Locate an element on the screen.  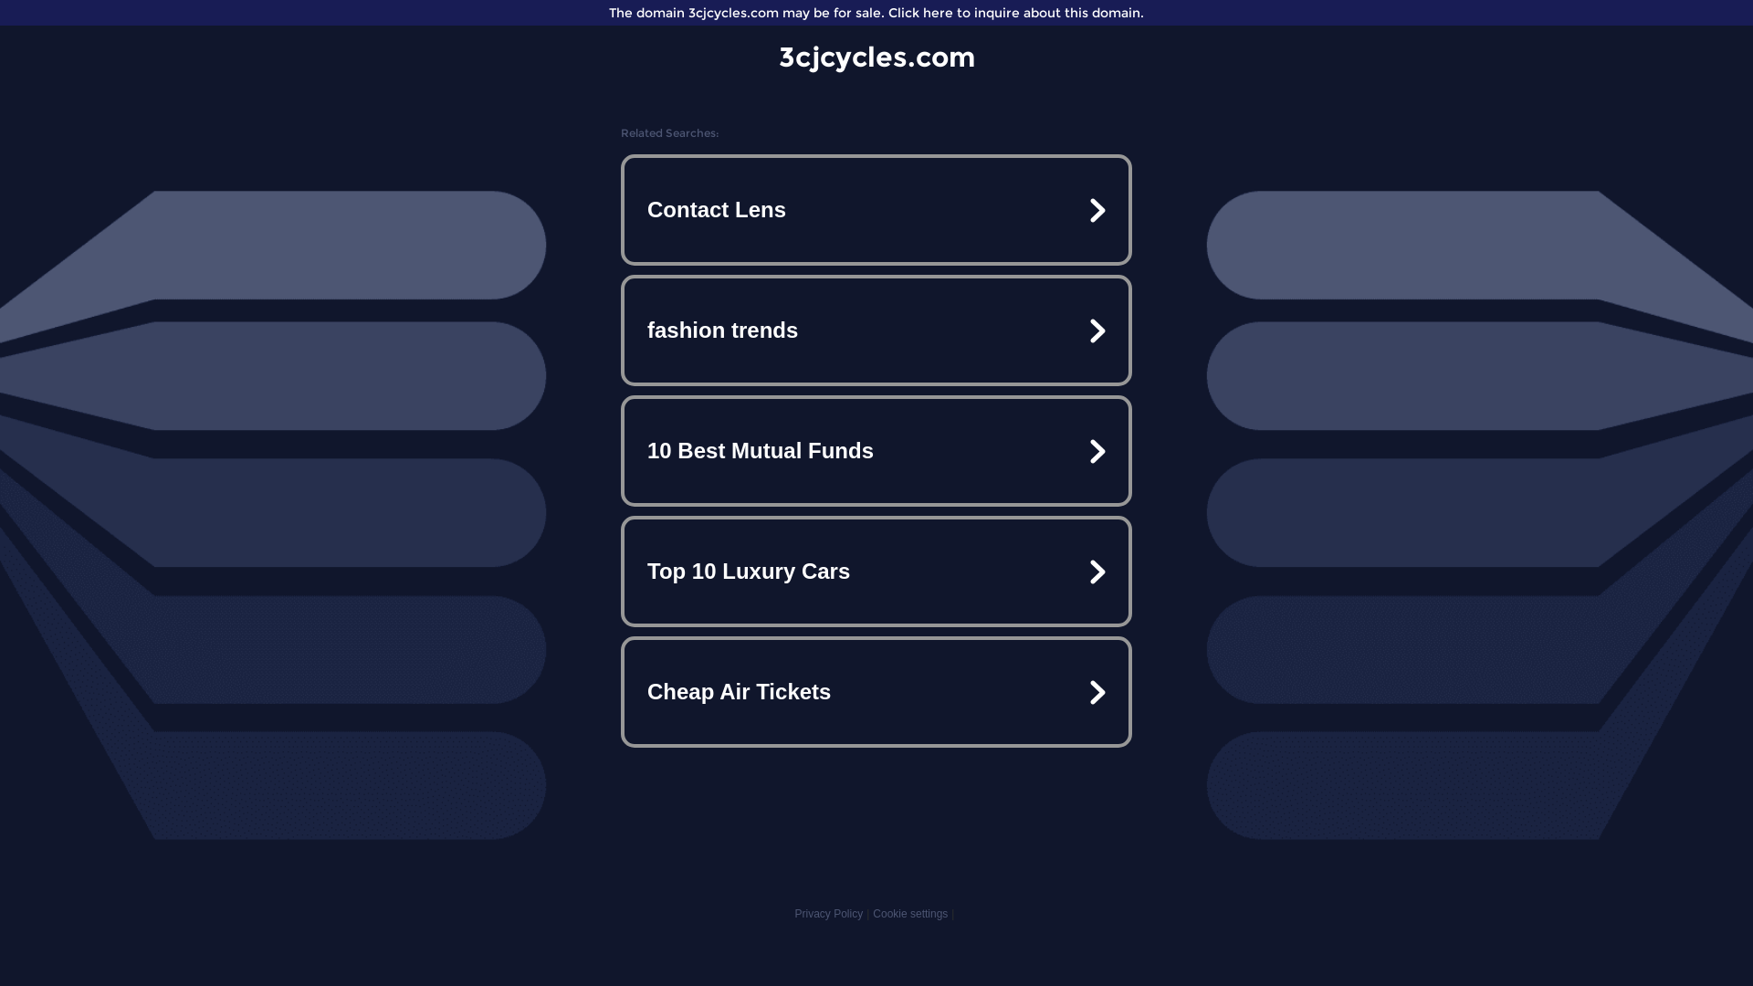
'Cookie settings' is located at coordinates (910, 914).